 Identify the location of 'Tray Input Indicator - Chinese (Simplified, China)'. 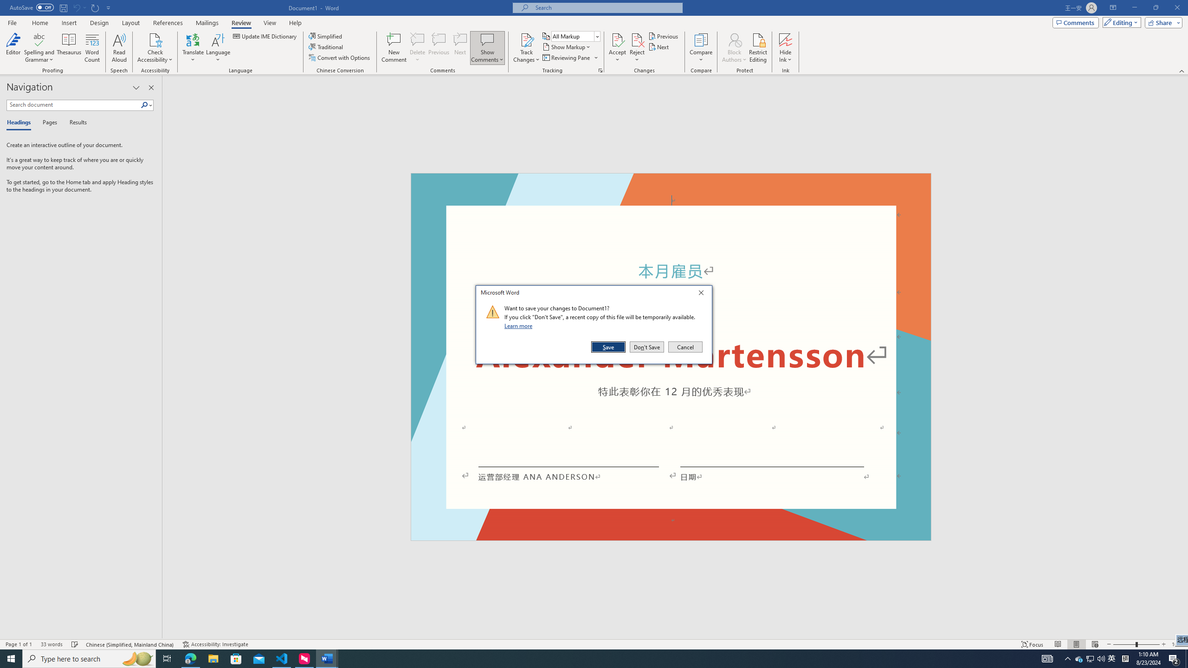
(1125, 658).